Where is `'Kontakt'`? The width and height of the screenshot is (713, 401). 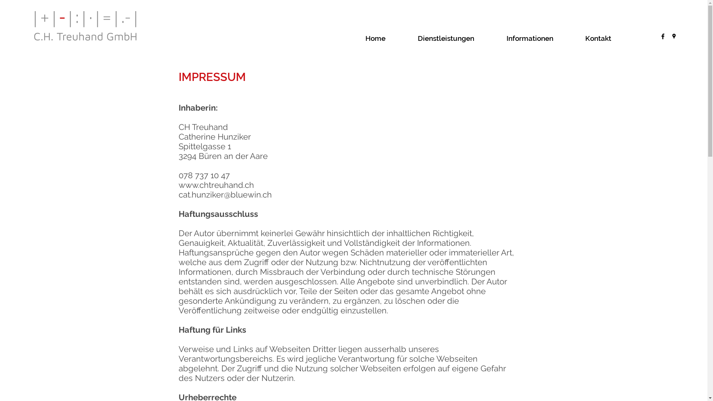
'Kontakt' is located at coordinates (610, 38).